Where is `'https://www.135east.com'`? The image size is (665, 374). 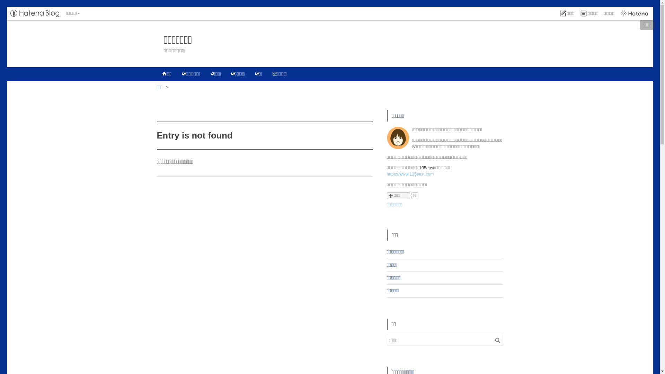 'https://www.135east.com' is located at coordinates (410, 173).